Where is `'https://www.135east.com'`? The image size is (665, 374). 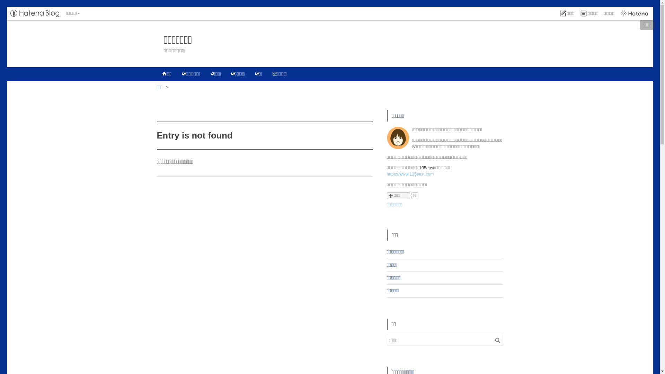 'https://www.135east.com' is located at coordinates (410, 173).